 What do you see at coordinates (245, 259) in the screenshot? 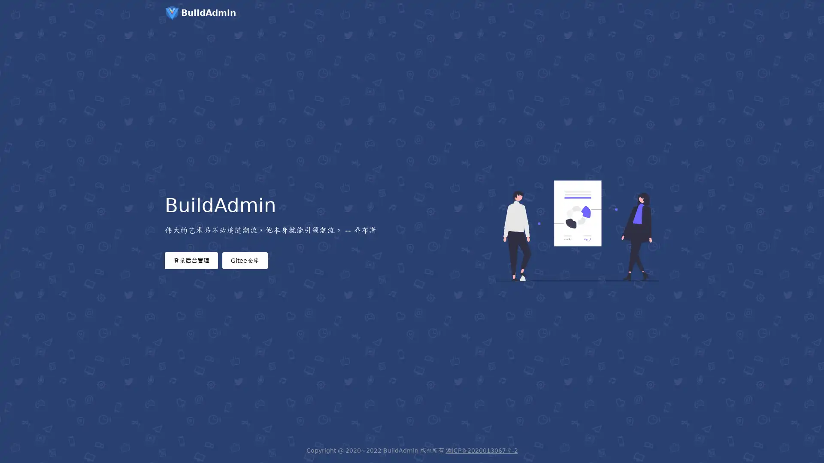
I see `Gitee` at bounding box center [245, 259].